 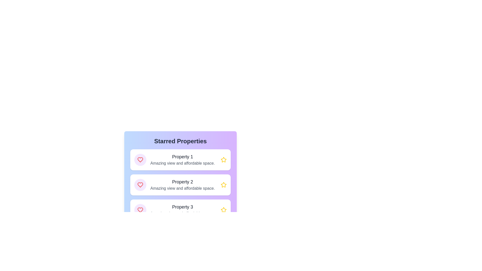 I want to click on text display that provides a description for 'Property 1', located below the header within the first item card under 'Starred Properties', so click(x=182, y=163).